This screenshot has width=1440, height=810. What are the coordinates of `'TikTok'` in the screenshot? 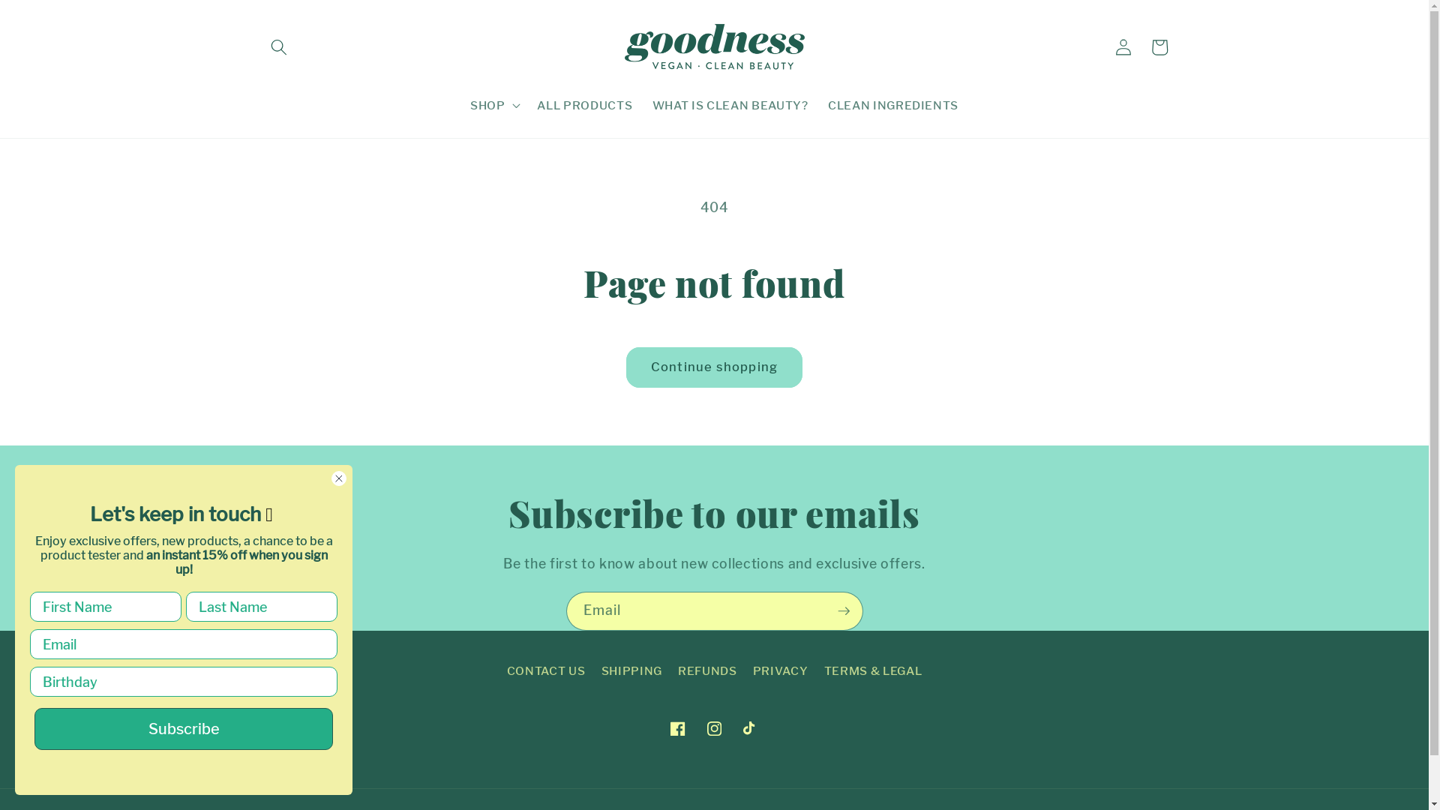 It's located at (751, 727).